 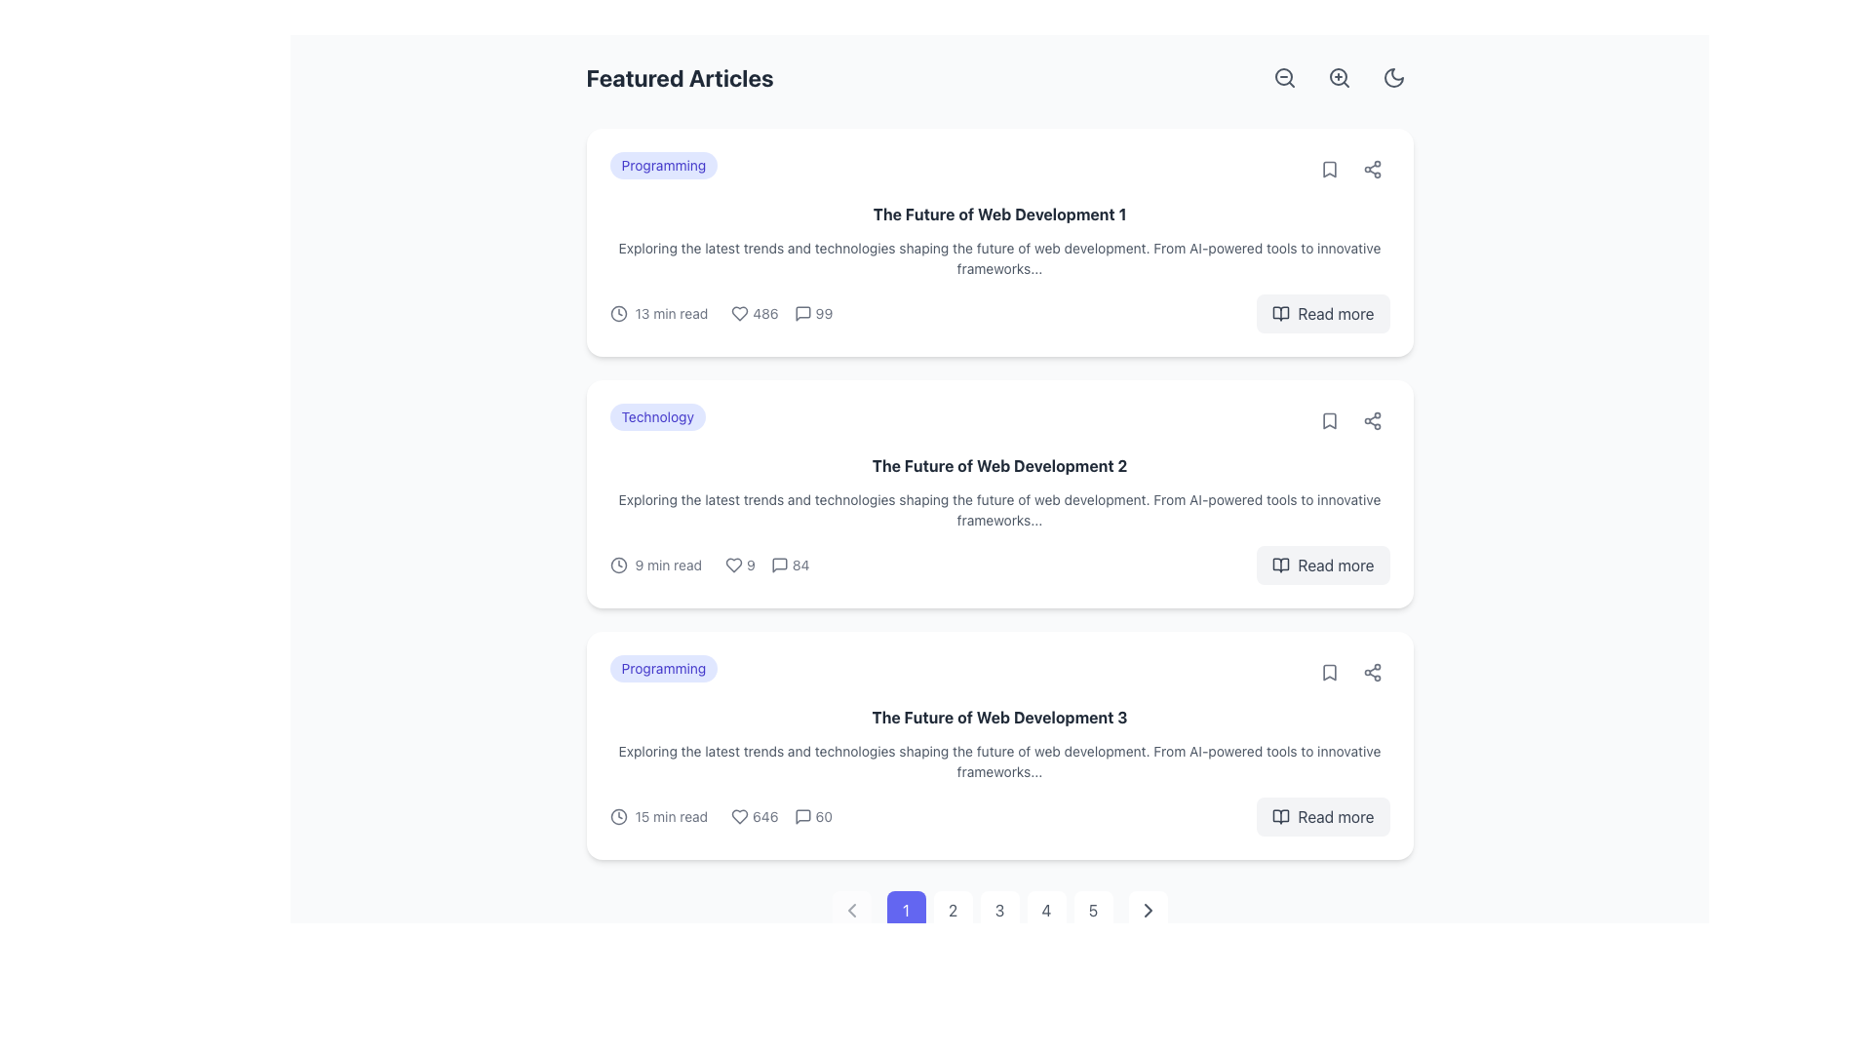 I want to click on the zoom-out button icon located in the top-right corner of the interface, so click(x=1284, y=77).